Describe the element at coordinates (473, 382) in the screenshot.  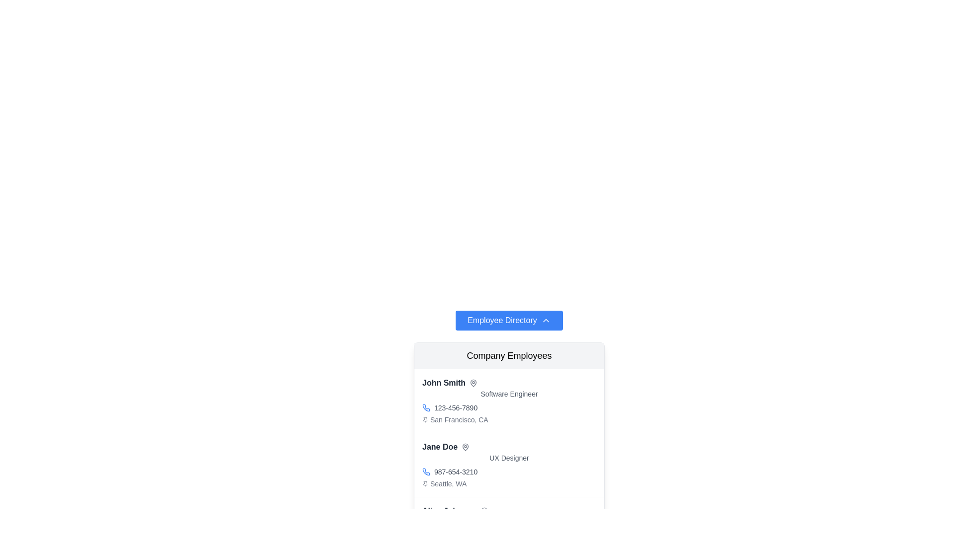
I see `the small gray pin icon styled as a map location marker, located to the right of the text 'John Smith' in the 'Company Employees' section` at that location.